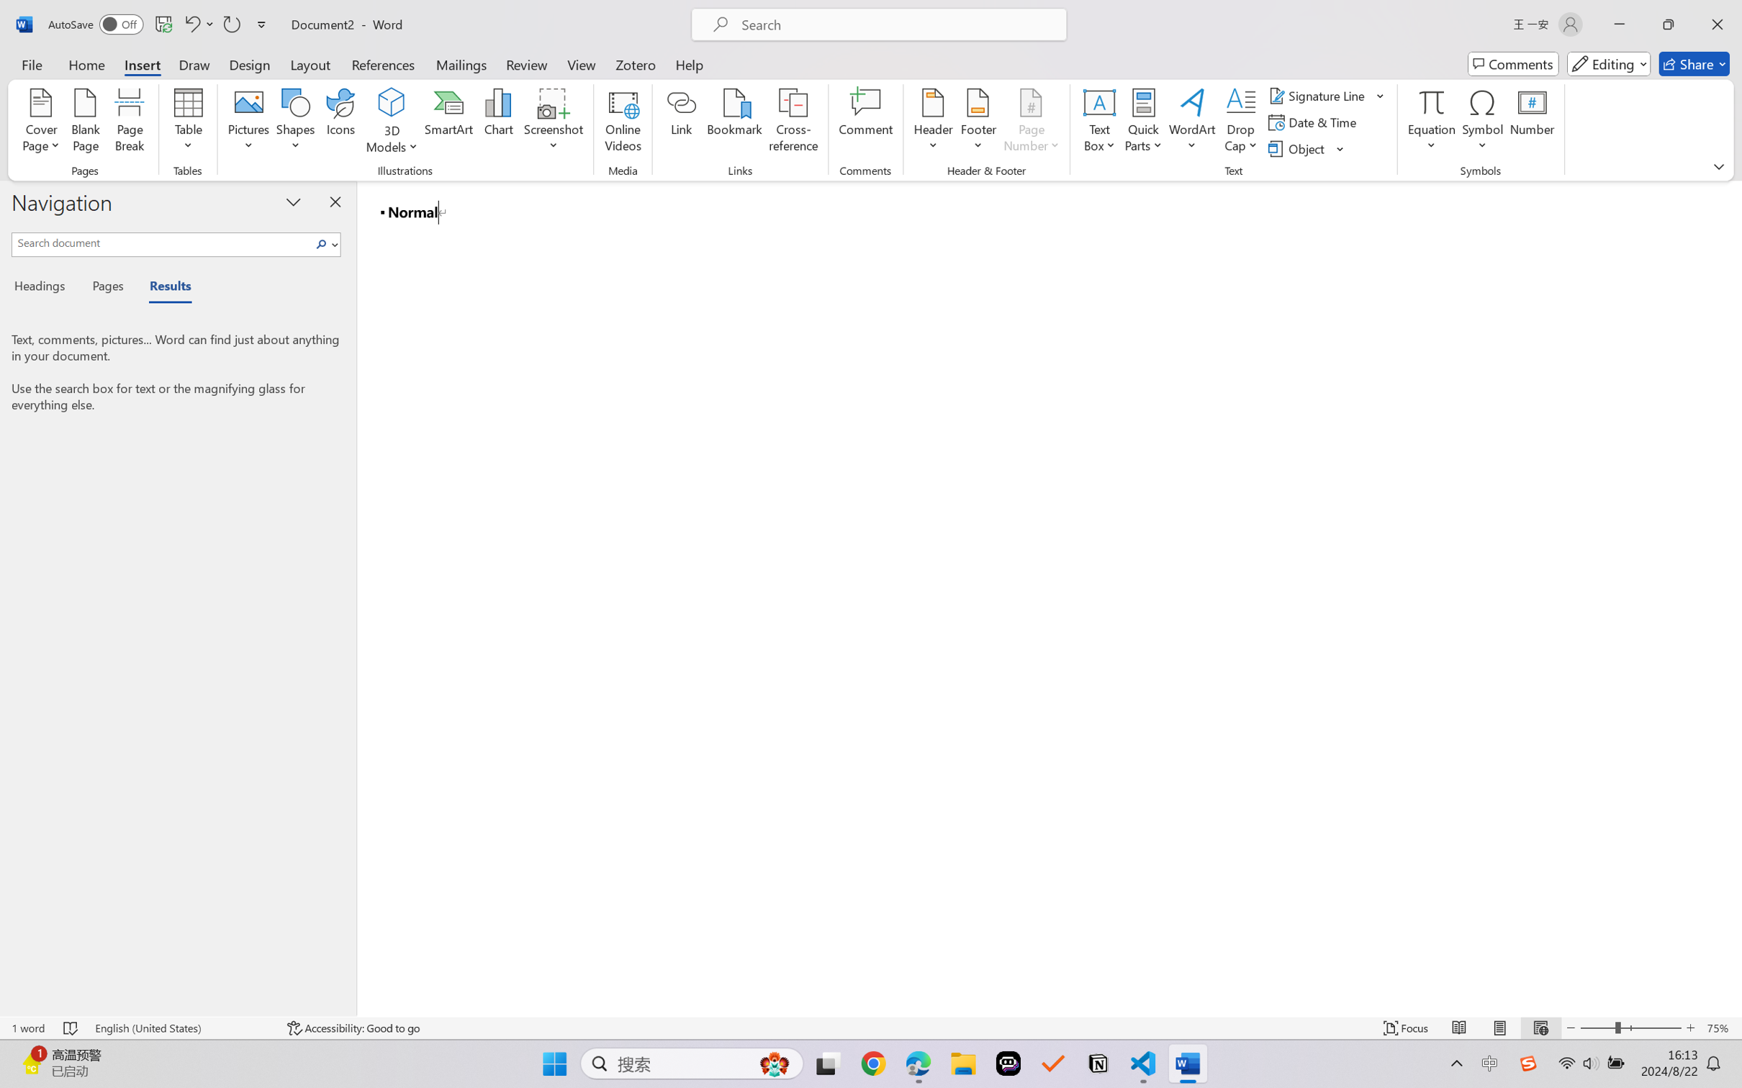  I want to click on 'Icons', so click(341, 122).